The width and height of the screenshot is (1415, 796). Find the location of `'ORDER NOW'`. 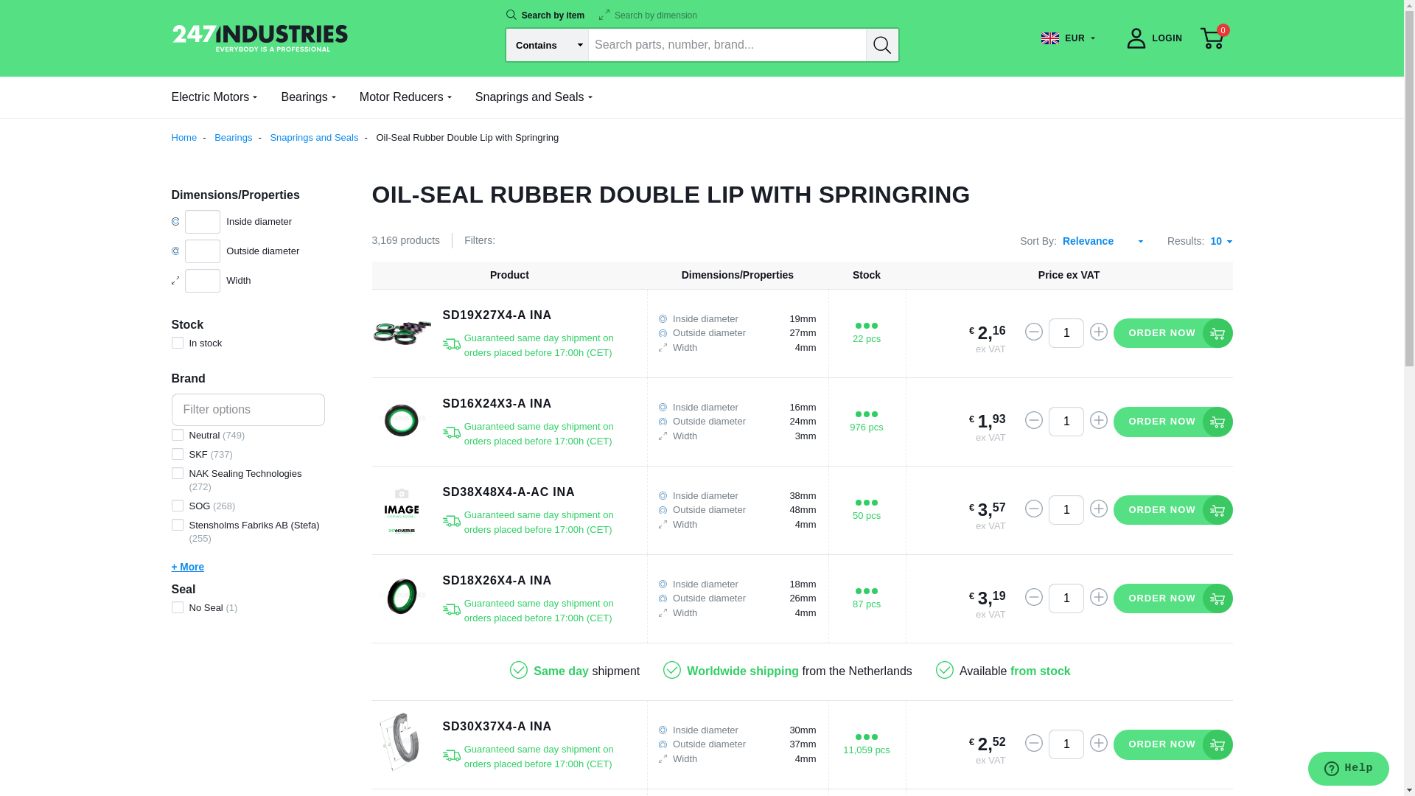

'ORDER NOW' is located at coordinates (1172, 332).